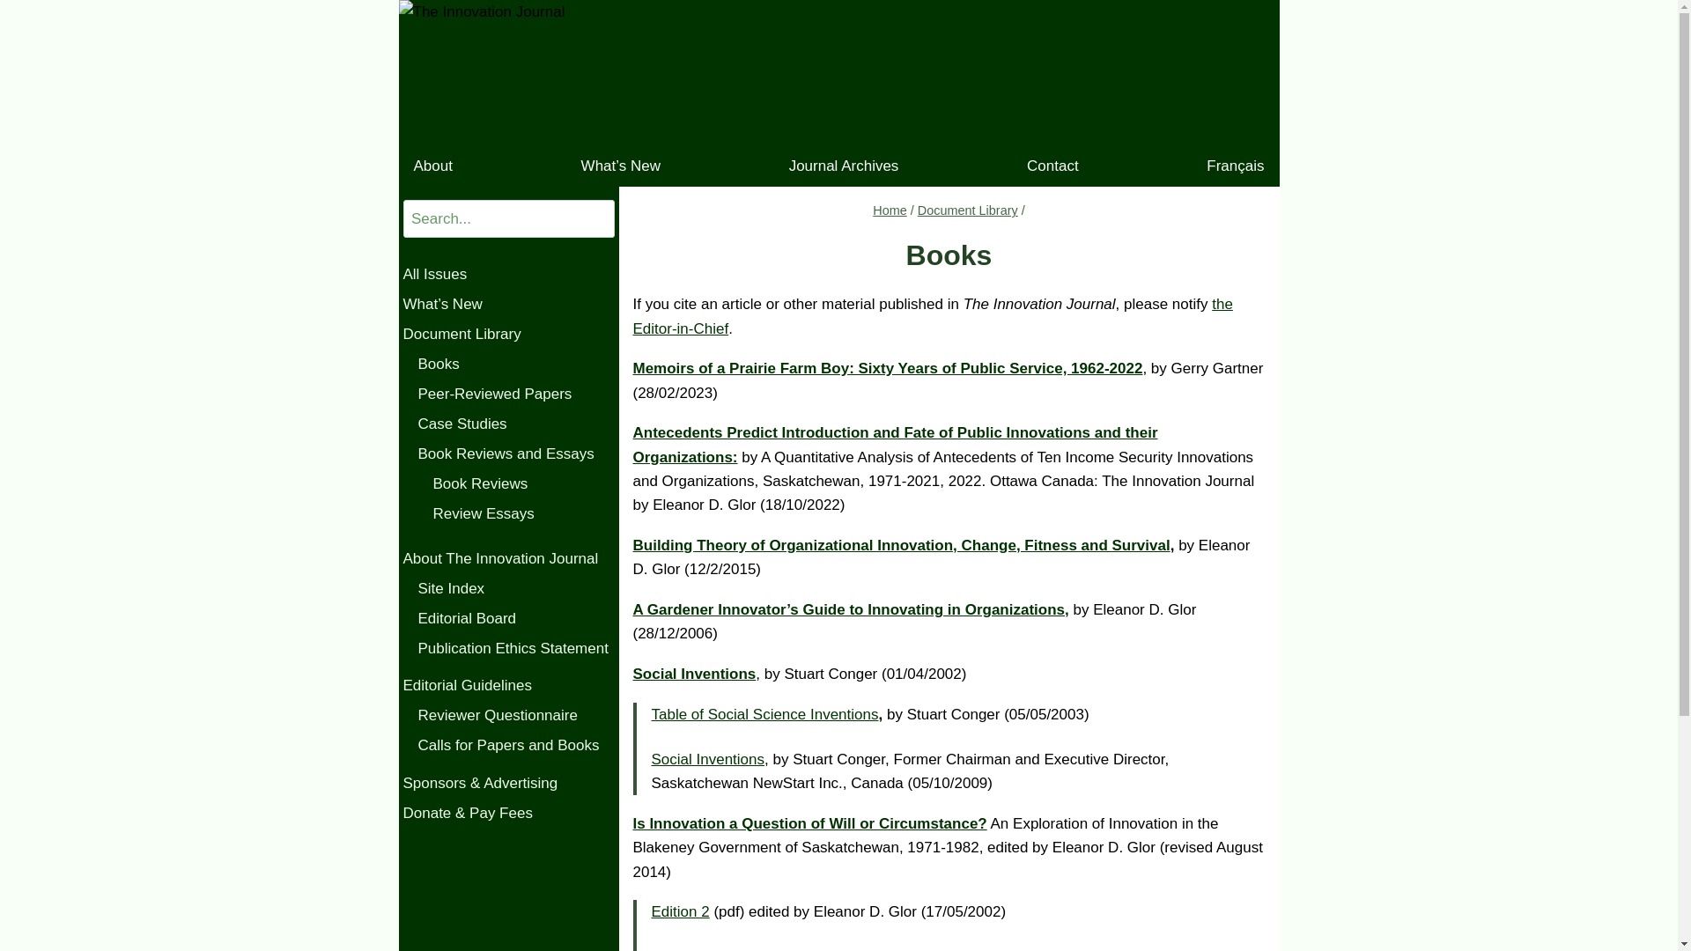 Image resolution: width=1691 pixels, height=951 pixels. Describe the element at coordinates (514, 393) in the screenshot. I see `'Peer-Reviewed Papers'` at that location.